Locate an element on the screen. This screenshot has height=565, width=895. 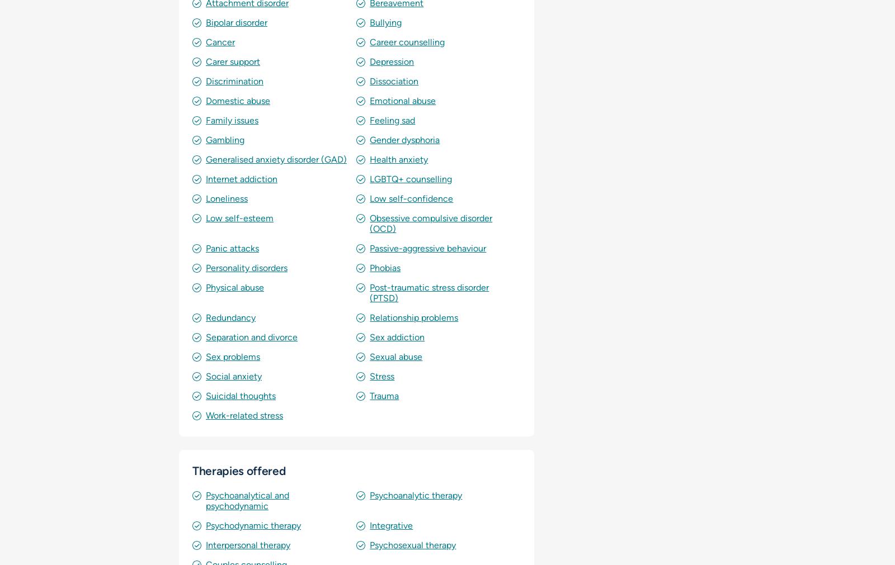
'Obsessive compulsive disorder (OCD)' is located at coordinates (431, 222).